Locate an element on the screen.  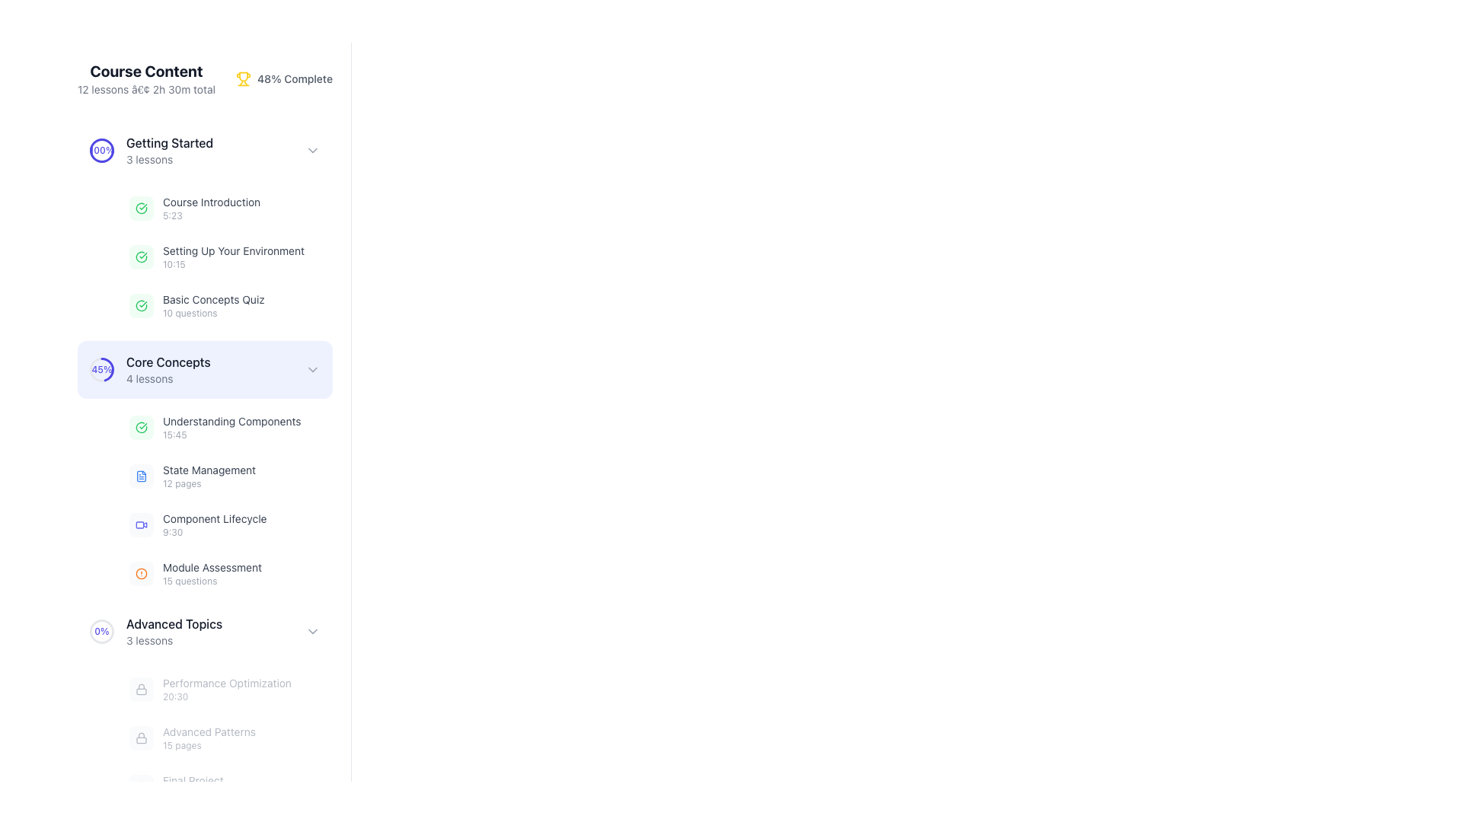
the List item titled 'Setting Up Your Environment' for accessibility navigation is located at coordinates (225, 256).